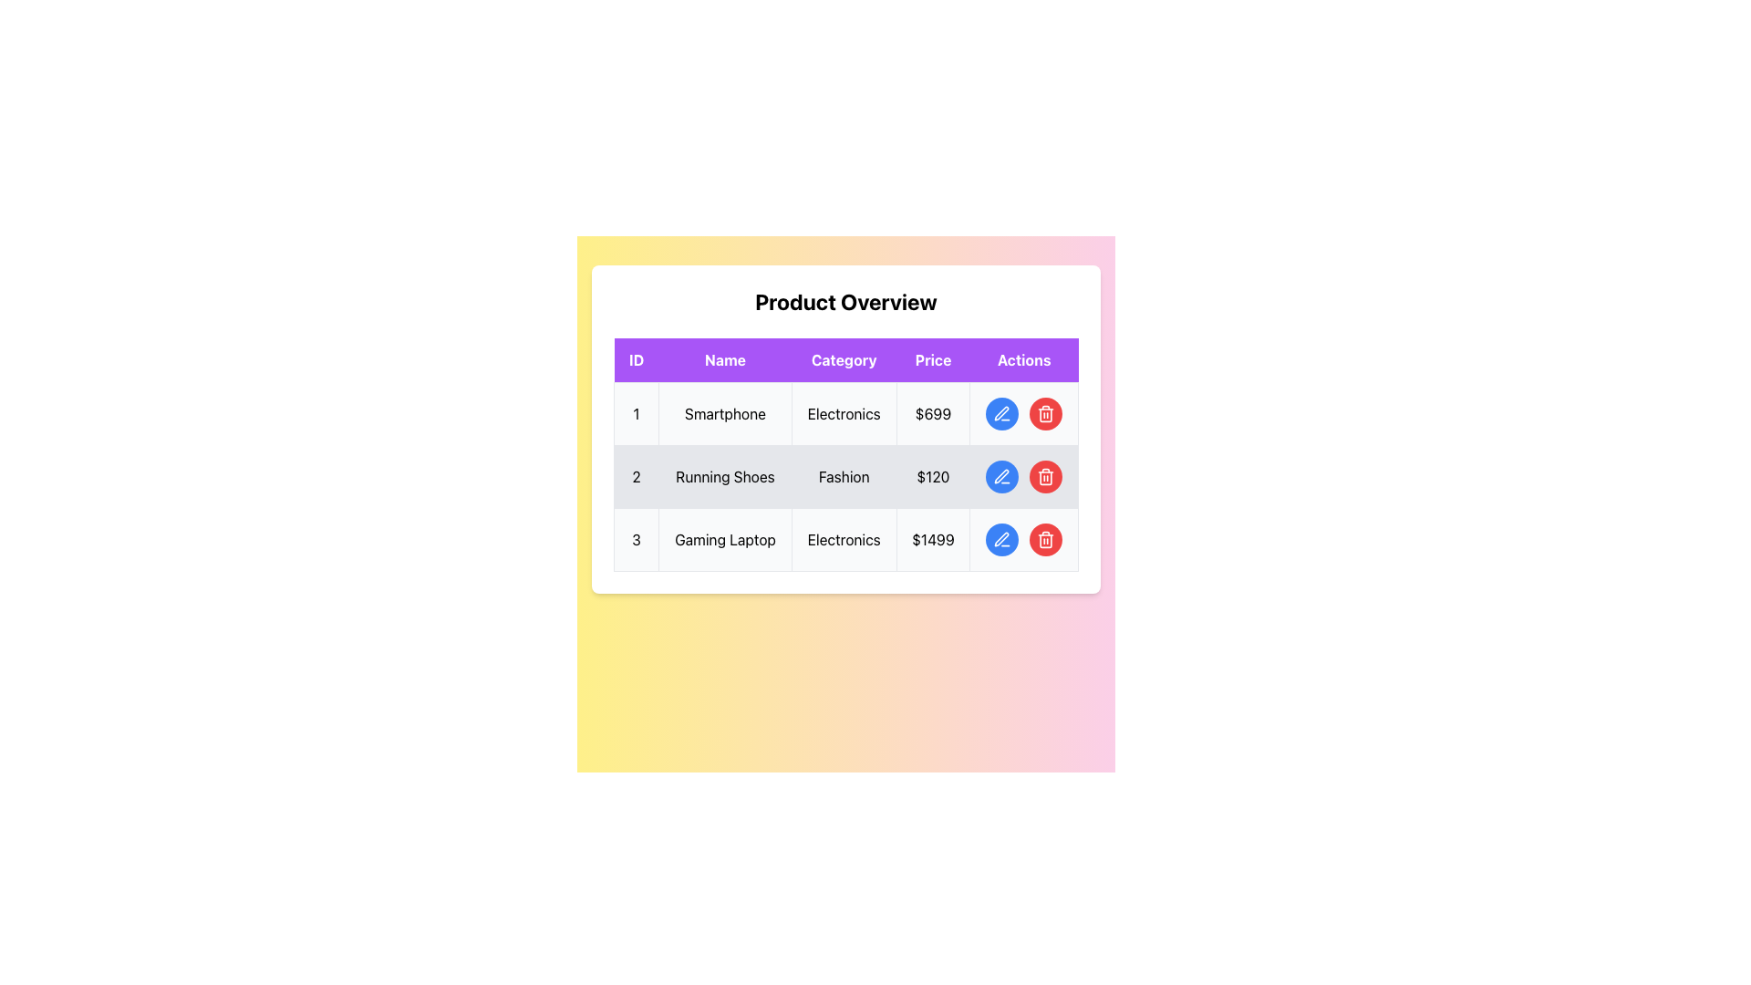  I want to click on the delete button located in the second row of the 'Actions' column, which is positioned to the right of the blue 'edit' button, so click(1046, 476).